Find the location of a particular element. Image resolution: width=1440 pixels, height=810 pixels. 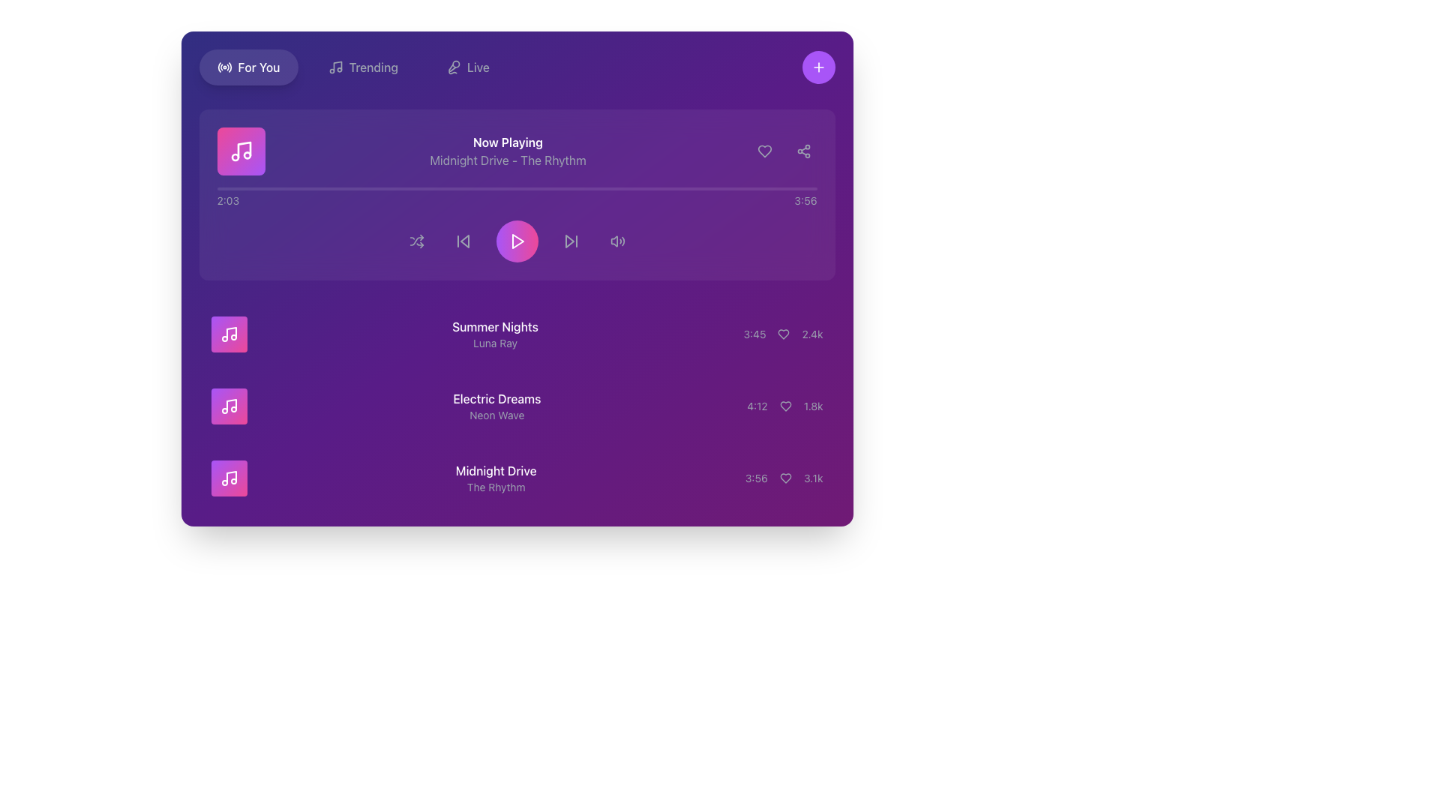

the list item entry featuring 'Electric Dreams' with a musical note icon and song details including duration '4:12' and like count '1.8k' is located at coordinates (517, 406).